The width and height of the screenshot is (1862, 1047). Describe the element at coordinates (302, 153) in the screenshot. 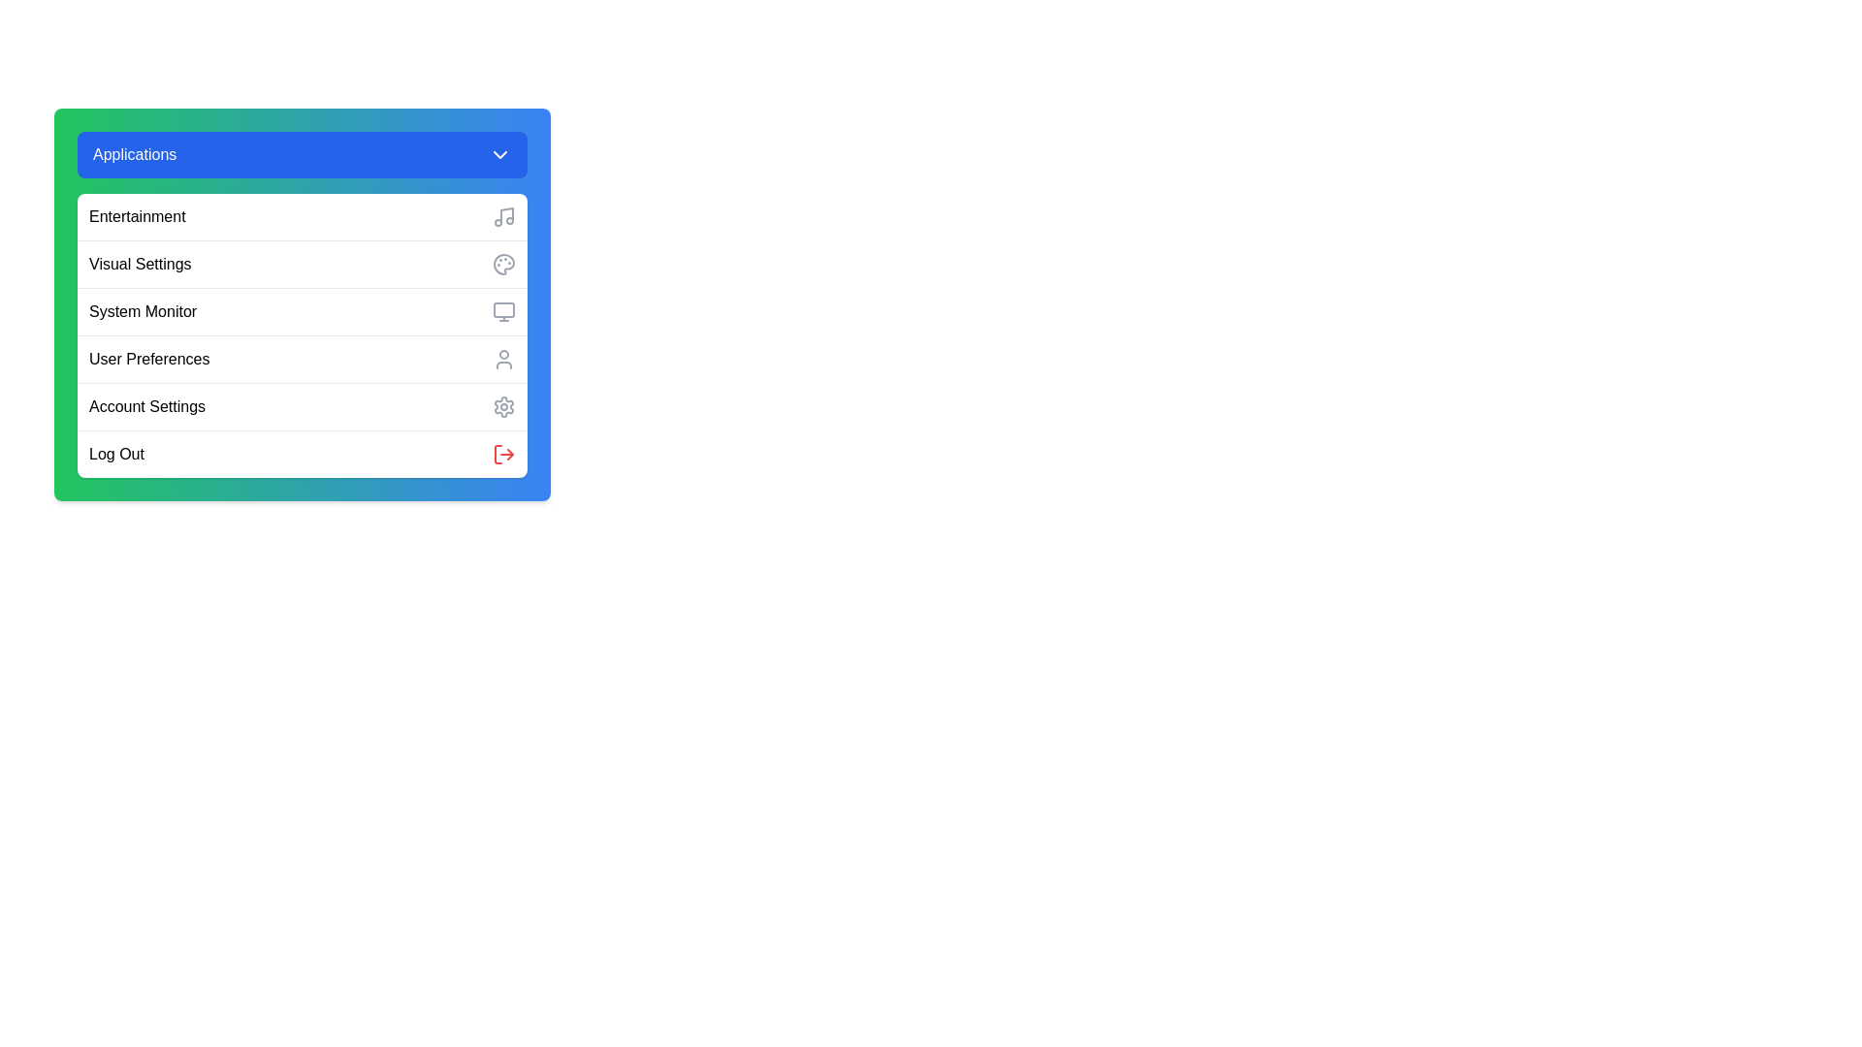

I see `the 'Applications' button to toggle the menu visibility` at that location.